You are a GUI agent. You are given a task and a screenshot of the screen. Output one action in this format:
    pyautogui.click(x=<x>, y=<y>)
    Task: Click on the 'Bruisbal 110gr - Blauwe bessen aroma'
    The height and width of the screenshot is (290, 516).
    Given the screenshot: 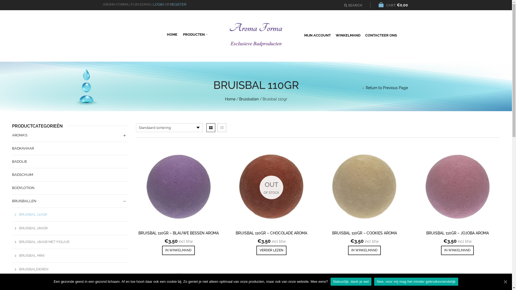 What is the action you would take?
    pyautogui.click(x=178, y=187)
    